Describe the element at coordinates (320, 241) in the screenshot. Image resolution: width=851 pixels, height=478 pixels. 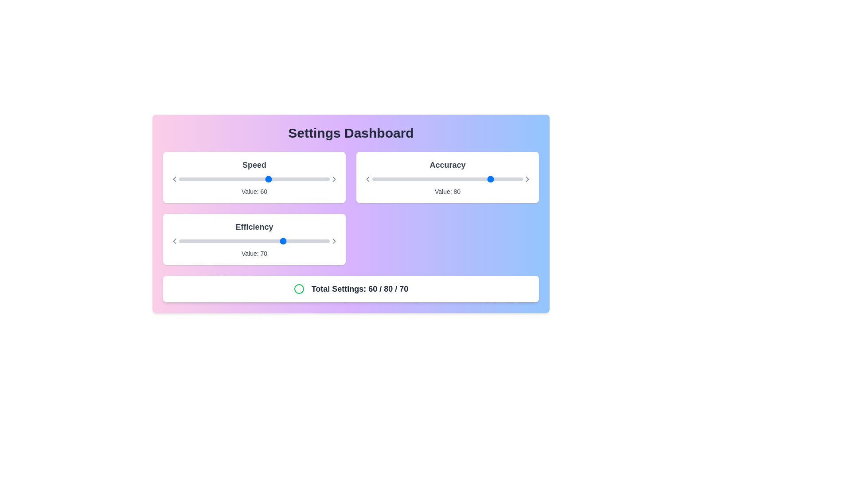
I see `efficiency` at that location.